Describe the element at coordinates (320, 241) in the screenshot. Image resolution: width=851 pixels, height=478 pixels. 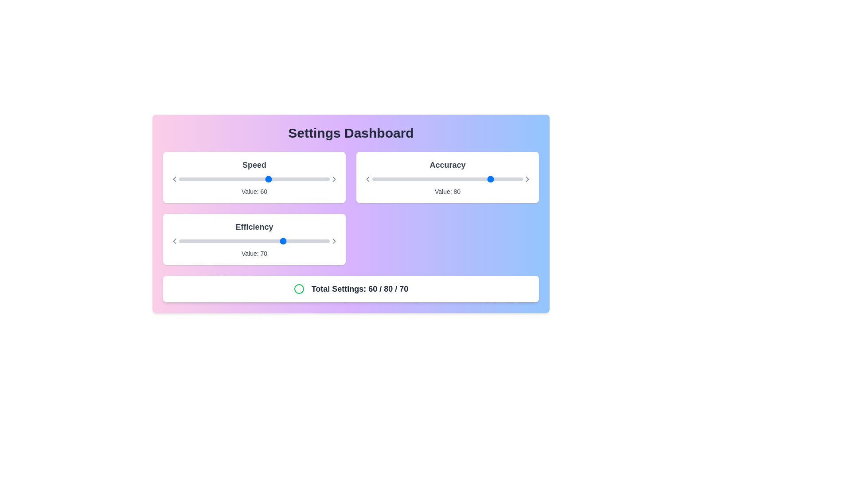
I see `efficiency` at that location.